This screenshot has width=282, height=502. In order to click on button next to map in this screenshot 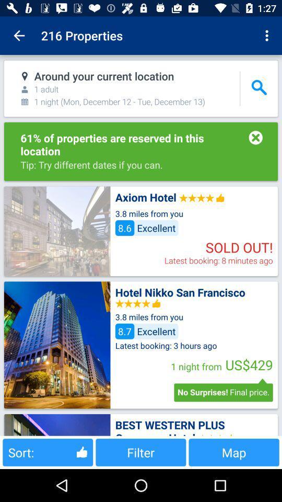, I will do `click(140, 452)`.